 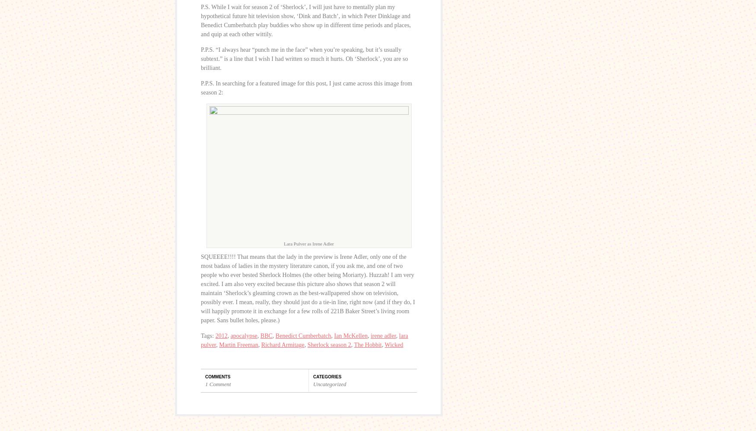 What do you see at coordinates (244, 336) in the screenshot?
I see `'apocalypse'` at bounding box center [244, 336].